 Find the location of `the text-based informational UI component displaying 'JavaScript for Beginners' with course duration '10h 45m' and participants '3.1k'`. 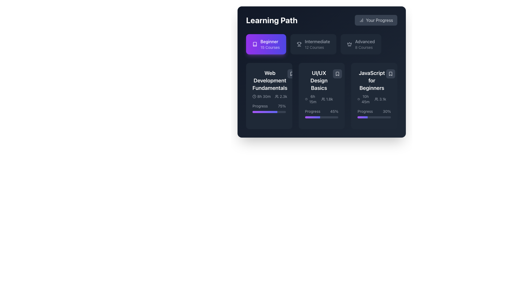

the text-based informational UI component displaying 'JavaScript for Beginners' with course duration '10h 45m' and participants '3.1k' is located at coordinates (371, 87).